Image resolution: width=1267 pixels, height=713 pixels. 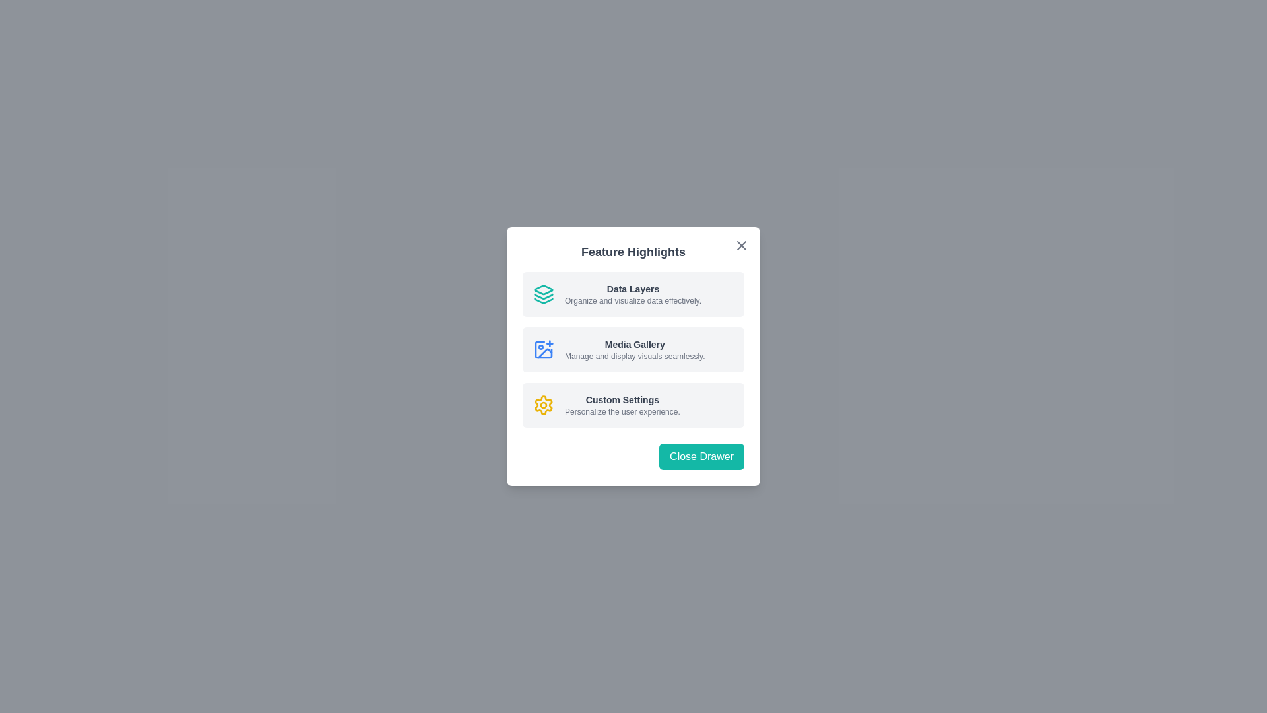 I want to click on the text label stating 'Personalize the user experience.' which is styled in gray and located under 'Custom Settings', so click(x=622, y=411).